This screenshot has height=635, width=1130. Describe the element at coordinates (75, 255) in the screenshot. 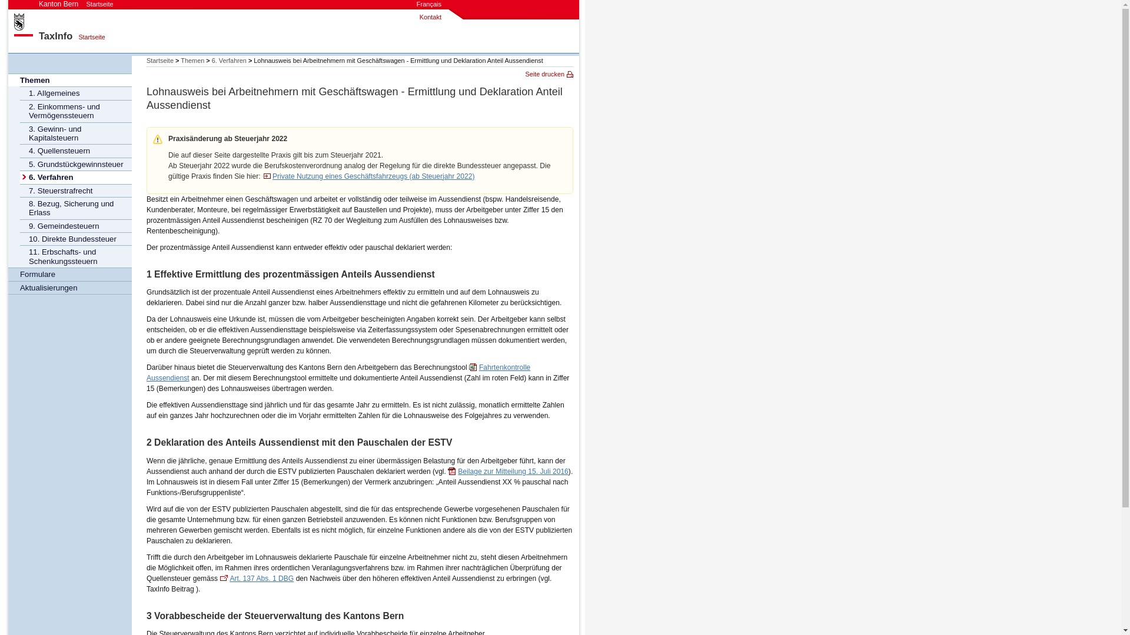

I see `'11. Erbschafts- und Schenkungssteuern'` at that location.